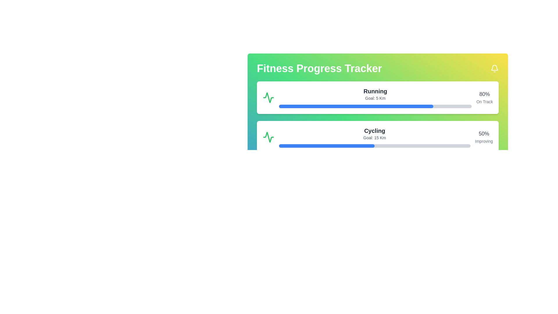 The width and height of the screenshot is (558, 314). Describe the element at coordinates (375, 137) in the screenshot. I see `text for the cycling goal and status from the progress tracker element, which includes a title, subtitle, and progress bar, centrally located in the fitness progress section` at that location.